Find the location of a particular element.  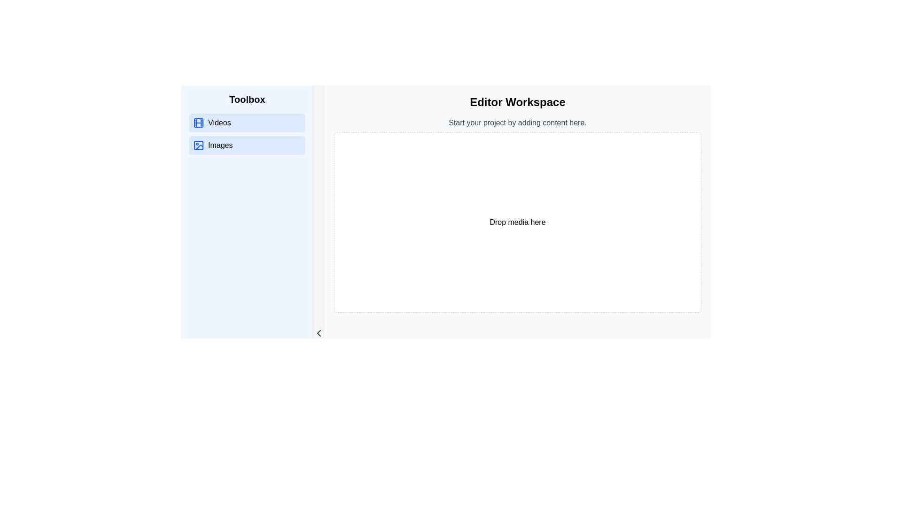

the blue filmstrip icon located in the 'Toolbox' section, which is the first part of the 'Videos' button group is located at coordinates (198, 123).